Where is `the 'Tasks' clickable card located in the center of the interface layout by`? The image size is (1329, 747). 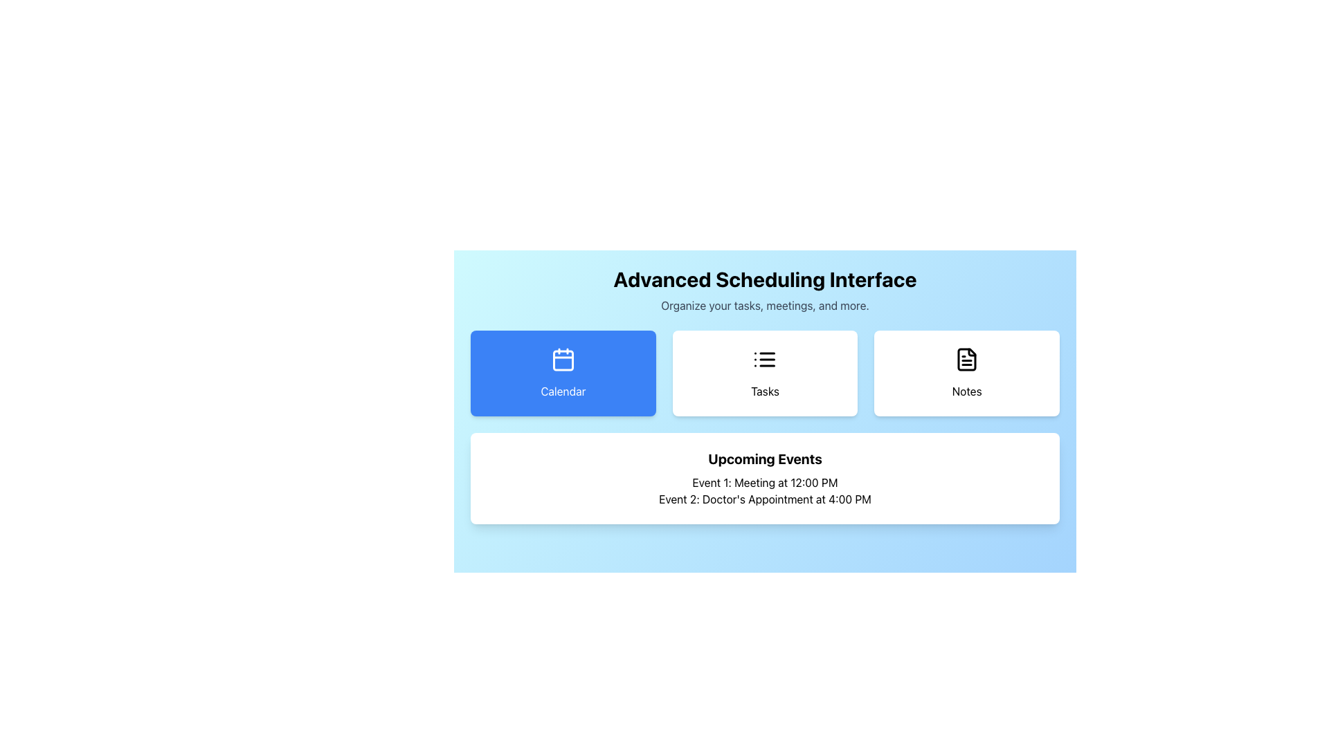
the 'Tasks' clickable card located in the center of the interface layout by is located at coordinates (764, 373).